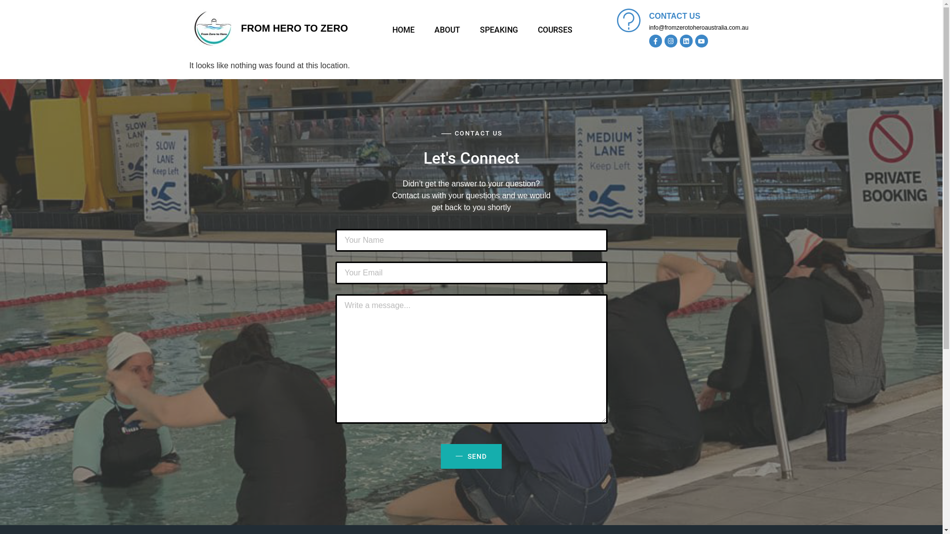 The width and height of the screenshot is (950, 534). Describe the element at coordinates (212, 28) in the screenshot. I see `'fzth-website-logo.jpg'` at that location.